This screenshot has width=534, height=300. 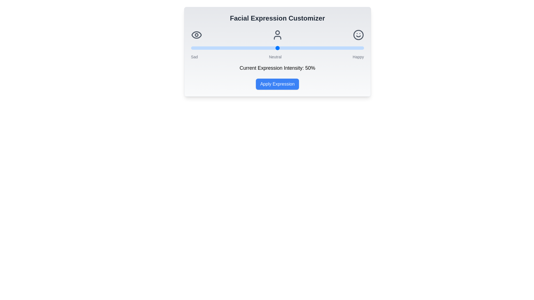 I want to click on the intensity slider to set the facial expression intensity to 12%, so click(x=211, y=48).